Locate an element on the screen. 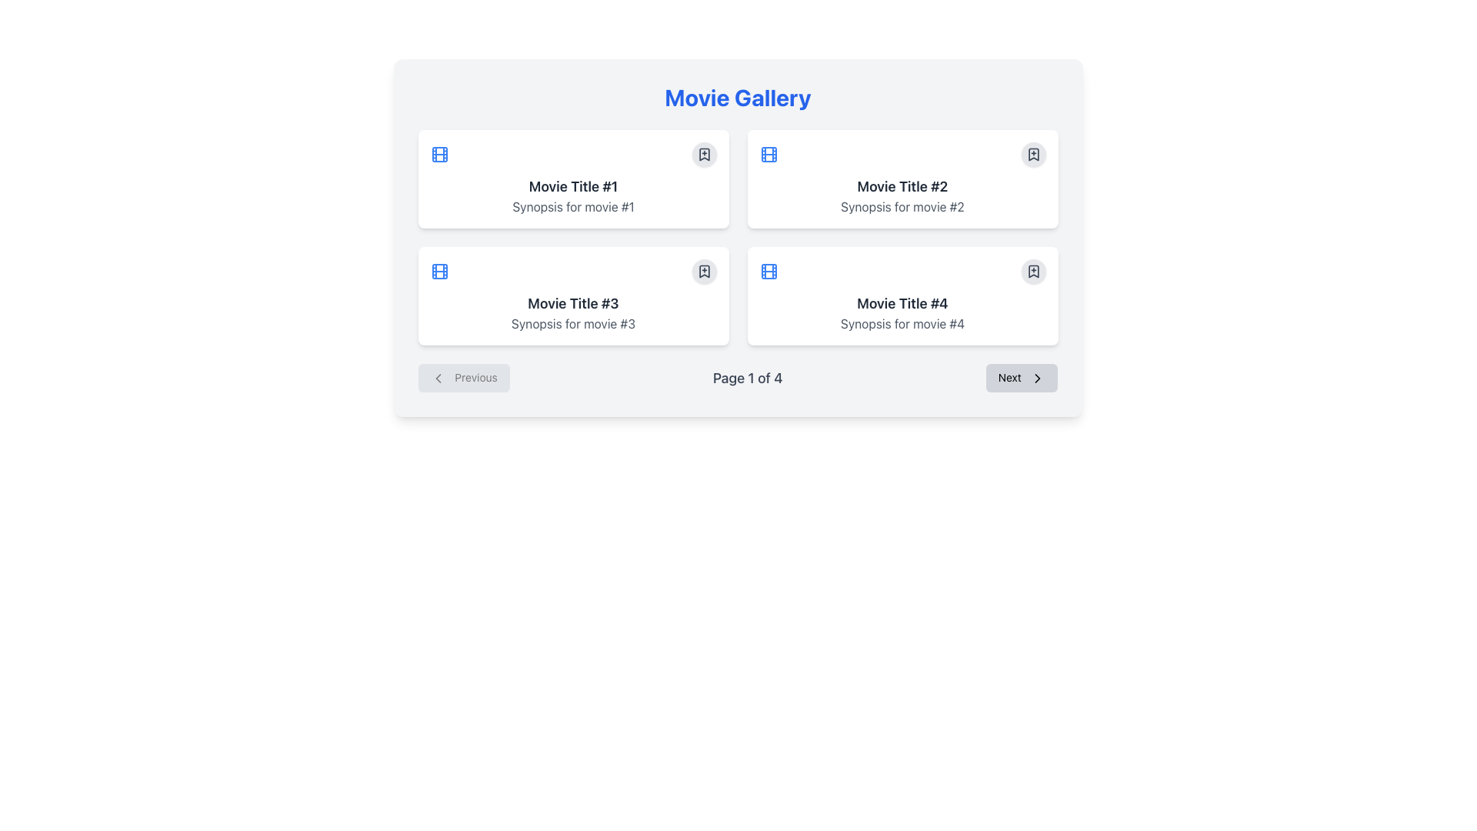 The image size is (1477, 831). the blue movie reel icon with perforation patterns located in the upper-right card titled 'Movie Title #2' to interact with the associated content is located at coordinates (769, 154).